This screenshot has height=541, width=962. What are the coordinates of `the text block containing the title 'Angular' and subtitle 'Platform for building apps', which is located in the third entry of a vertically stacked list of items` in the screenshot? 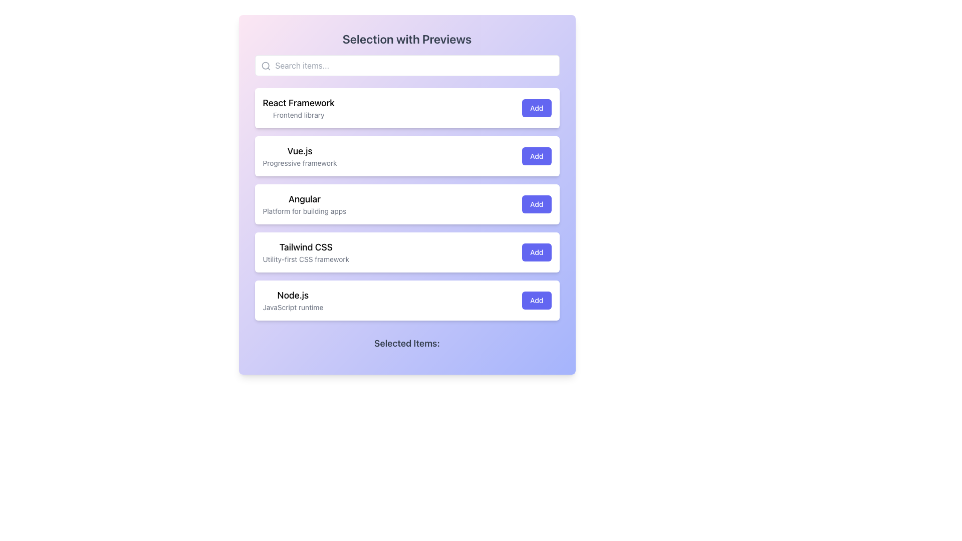 It's located at (304, 204).